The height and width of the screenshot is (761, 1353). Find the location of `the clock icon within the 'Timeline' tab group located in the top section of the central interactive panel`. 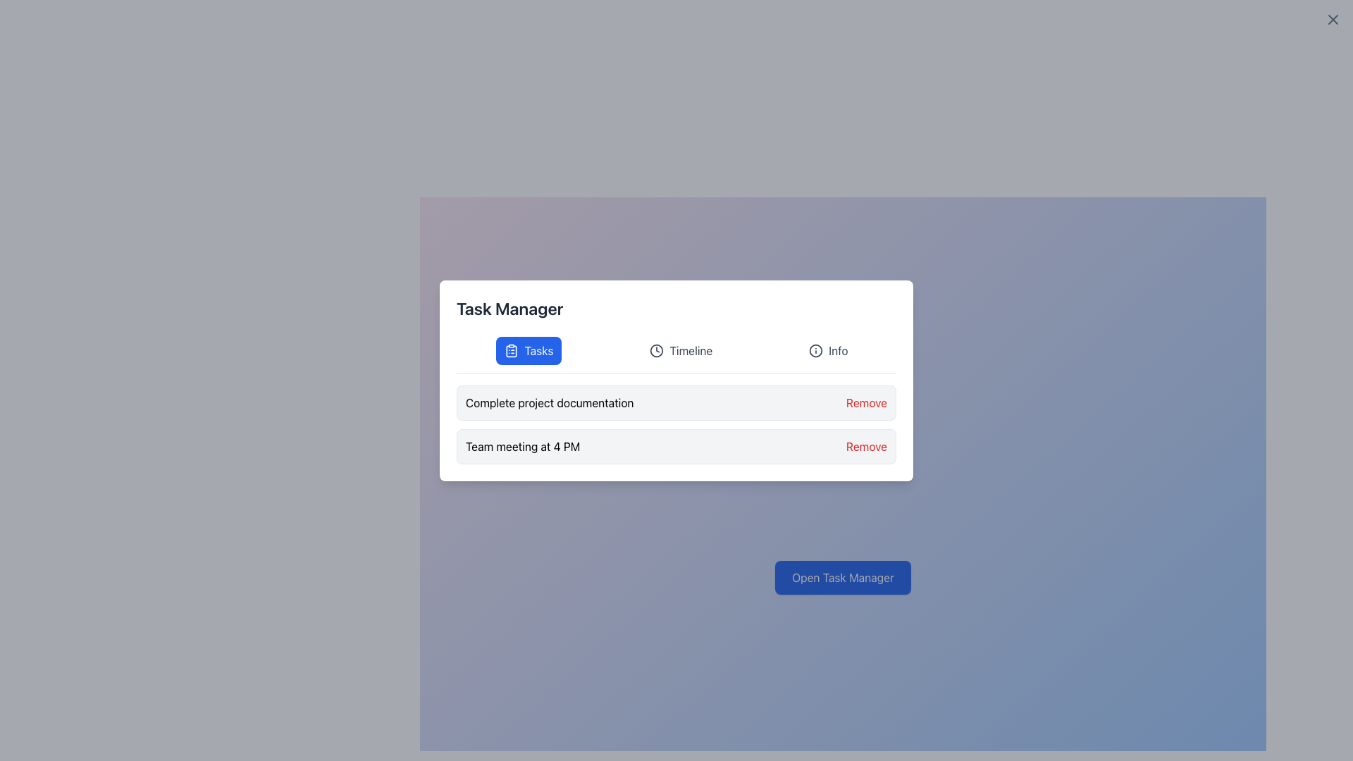

the clock icon within the 'Timeline' tab group located in the top section of the central interactive panel is located at coordinates (656, 349).